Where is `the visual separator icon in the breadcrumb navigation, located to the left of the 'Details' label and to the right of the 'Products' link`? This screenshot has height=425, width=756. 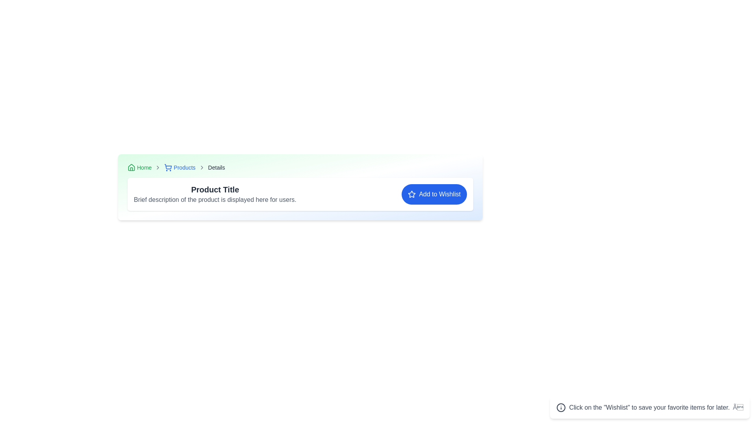
the visual separator icon in the breadcrumb navigation, located to the left of the 'Details' label and to the right of the 'Products' link is located at coordinates (202, 167).